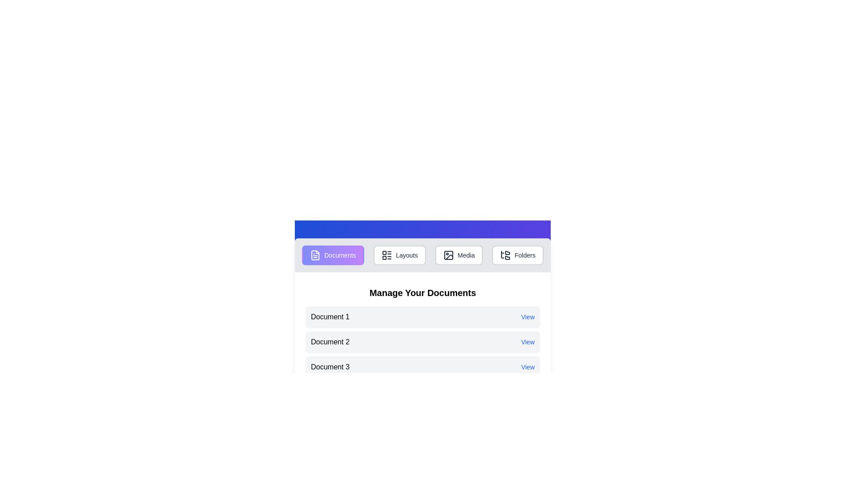  Describe the element at coordinates (528, 367) in the screenshot. I see `the hyperlink or clickable text located to the right of 'Document 3' in the third row under the 'Manage Your Documents' section` at that location.